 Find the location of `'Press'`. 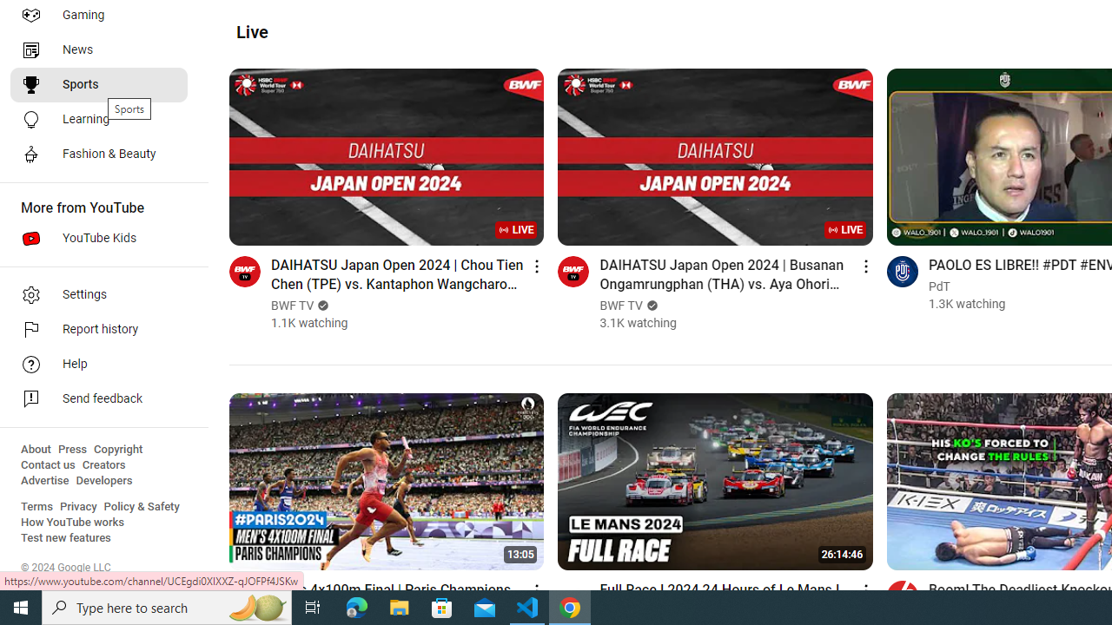

'Press' is located at coordinates (71, 449).